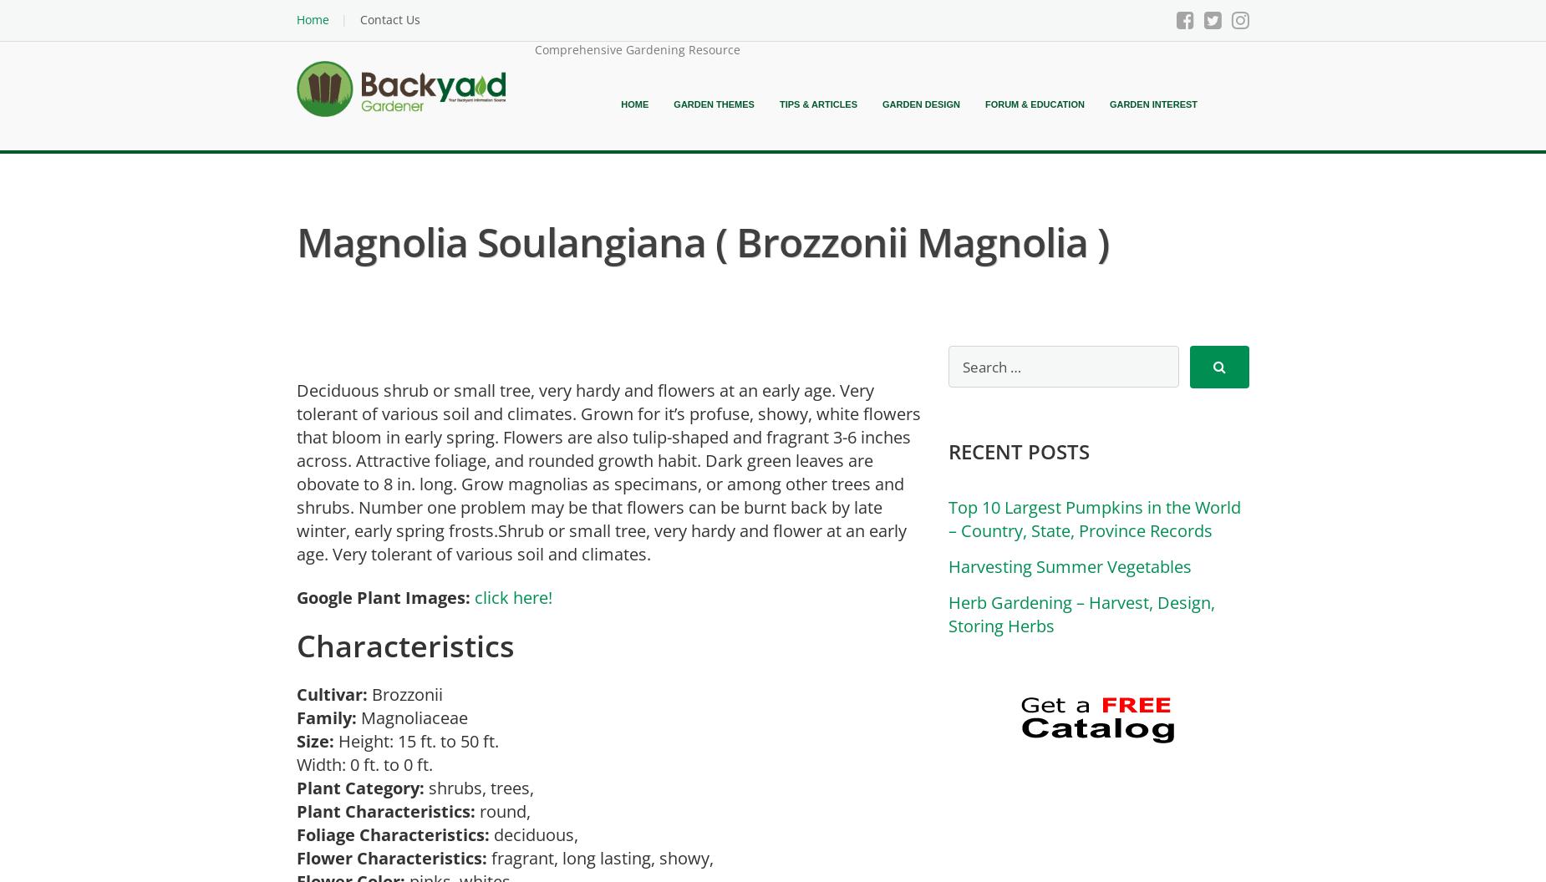 The width and height of the screenshot is (1546, 882). Describe the element at coordinates (620, 104) in the screenshot. I see `'Home'` at that location.